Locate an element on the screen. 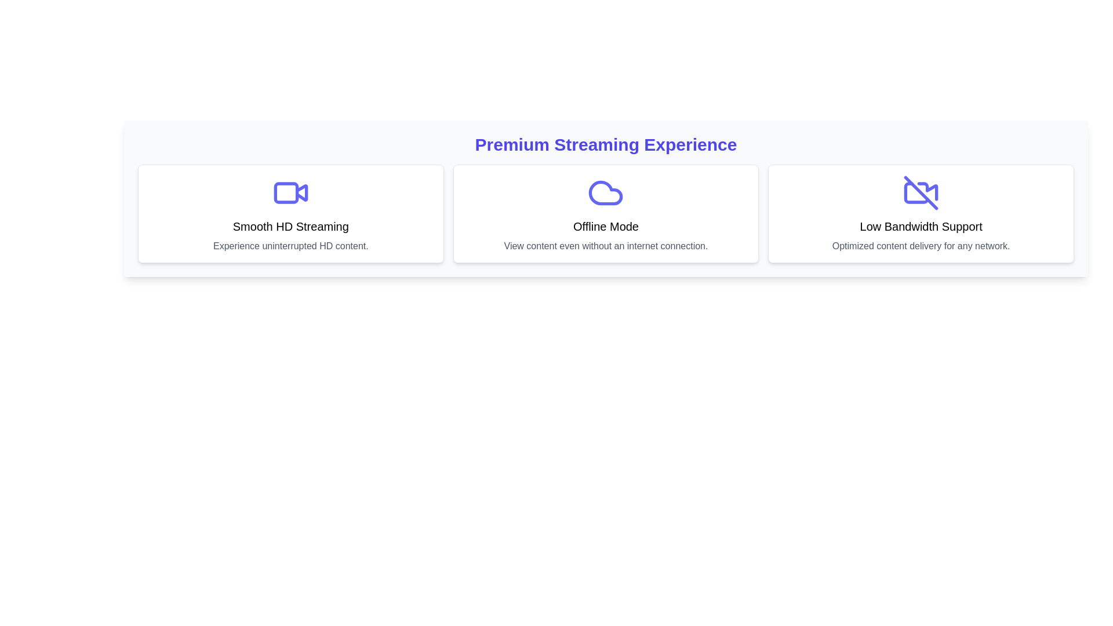 This screenshot has height=626, width=1113. the cloud-shaped icon with a blue outline located above the 'Offline Mode' text within its card is located at coordinates (605, 192).